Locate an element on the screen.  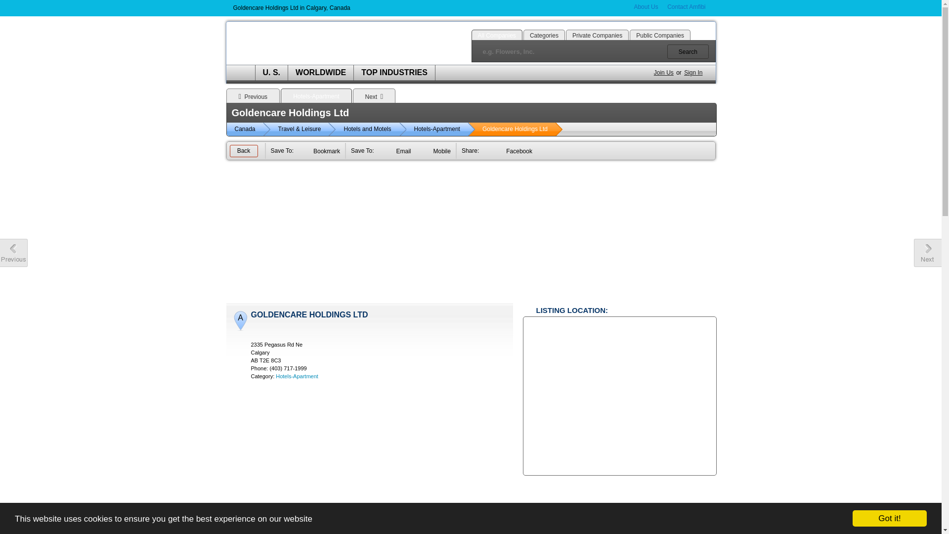
'HOME' is located at coordinates (240, 72).